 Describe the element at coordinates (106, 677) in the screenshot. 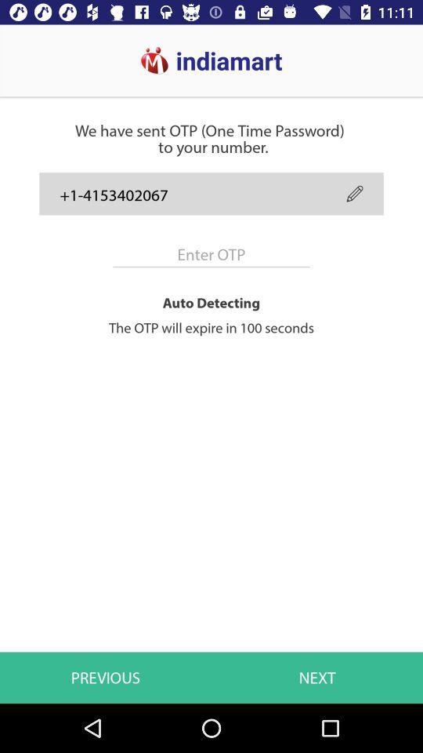

I see `icon at the bottom left corner` at that location.